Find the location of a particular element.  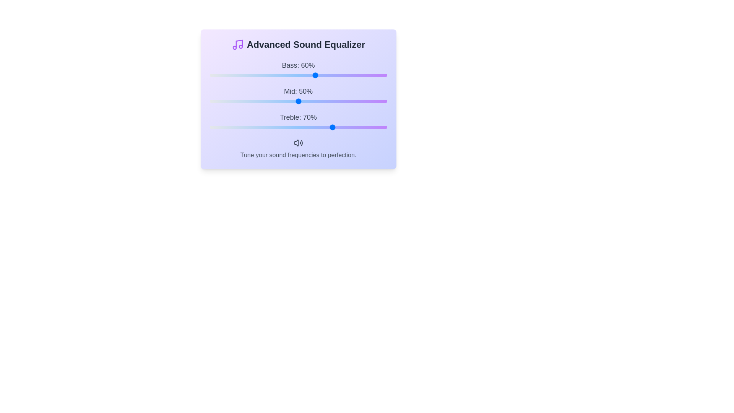

the mid frequency slider to 46% is located at coordinates (291, 101).